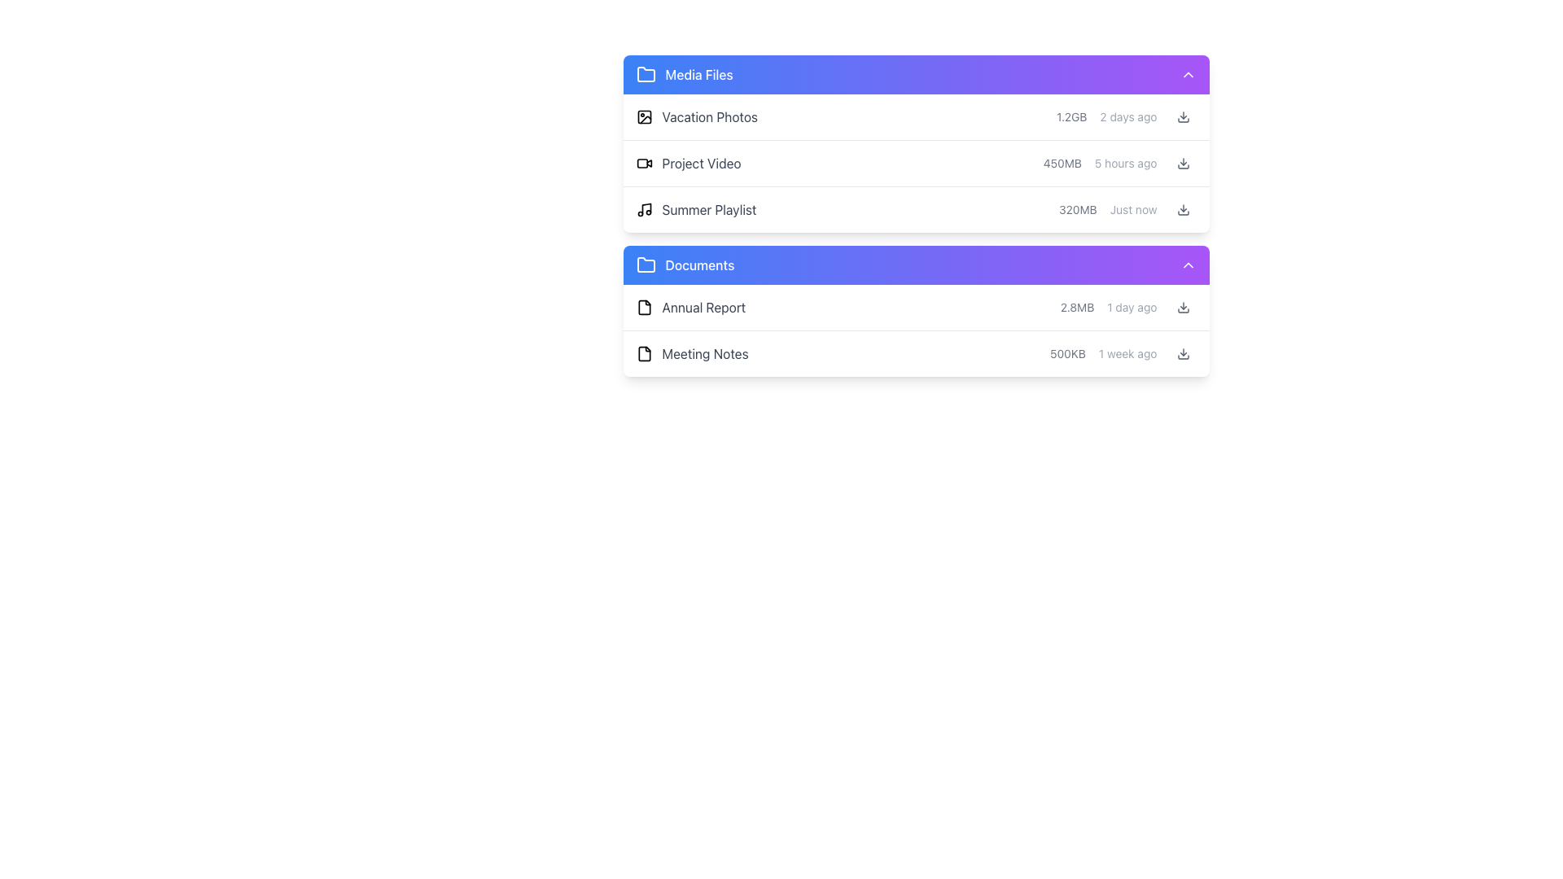 The width and height of the screenshot is (1563, 879). I want to click on the 'Annual Report' label, which is a gray textual label positioned under the 'Documents' section, to the right of a document file icon, so click(703, 308).